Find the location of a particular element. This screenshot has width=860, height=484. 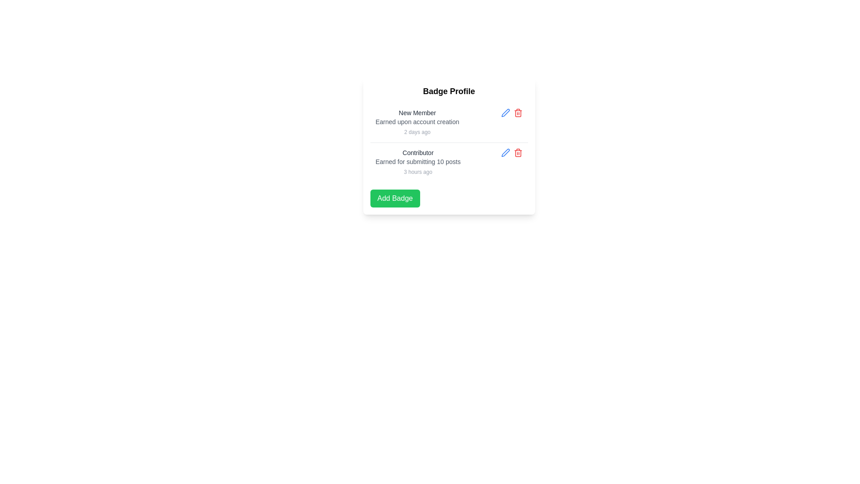

the text label indicating the time elapsed since the 'New Member' badge was earned, located in the 'New Member' section of the badge profile card is located at coordinates (417, 132).